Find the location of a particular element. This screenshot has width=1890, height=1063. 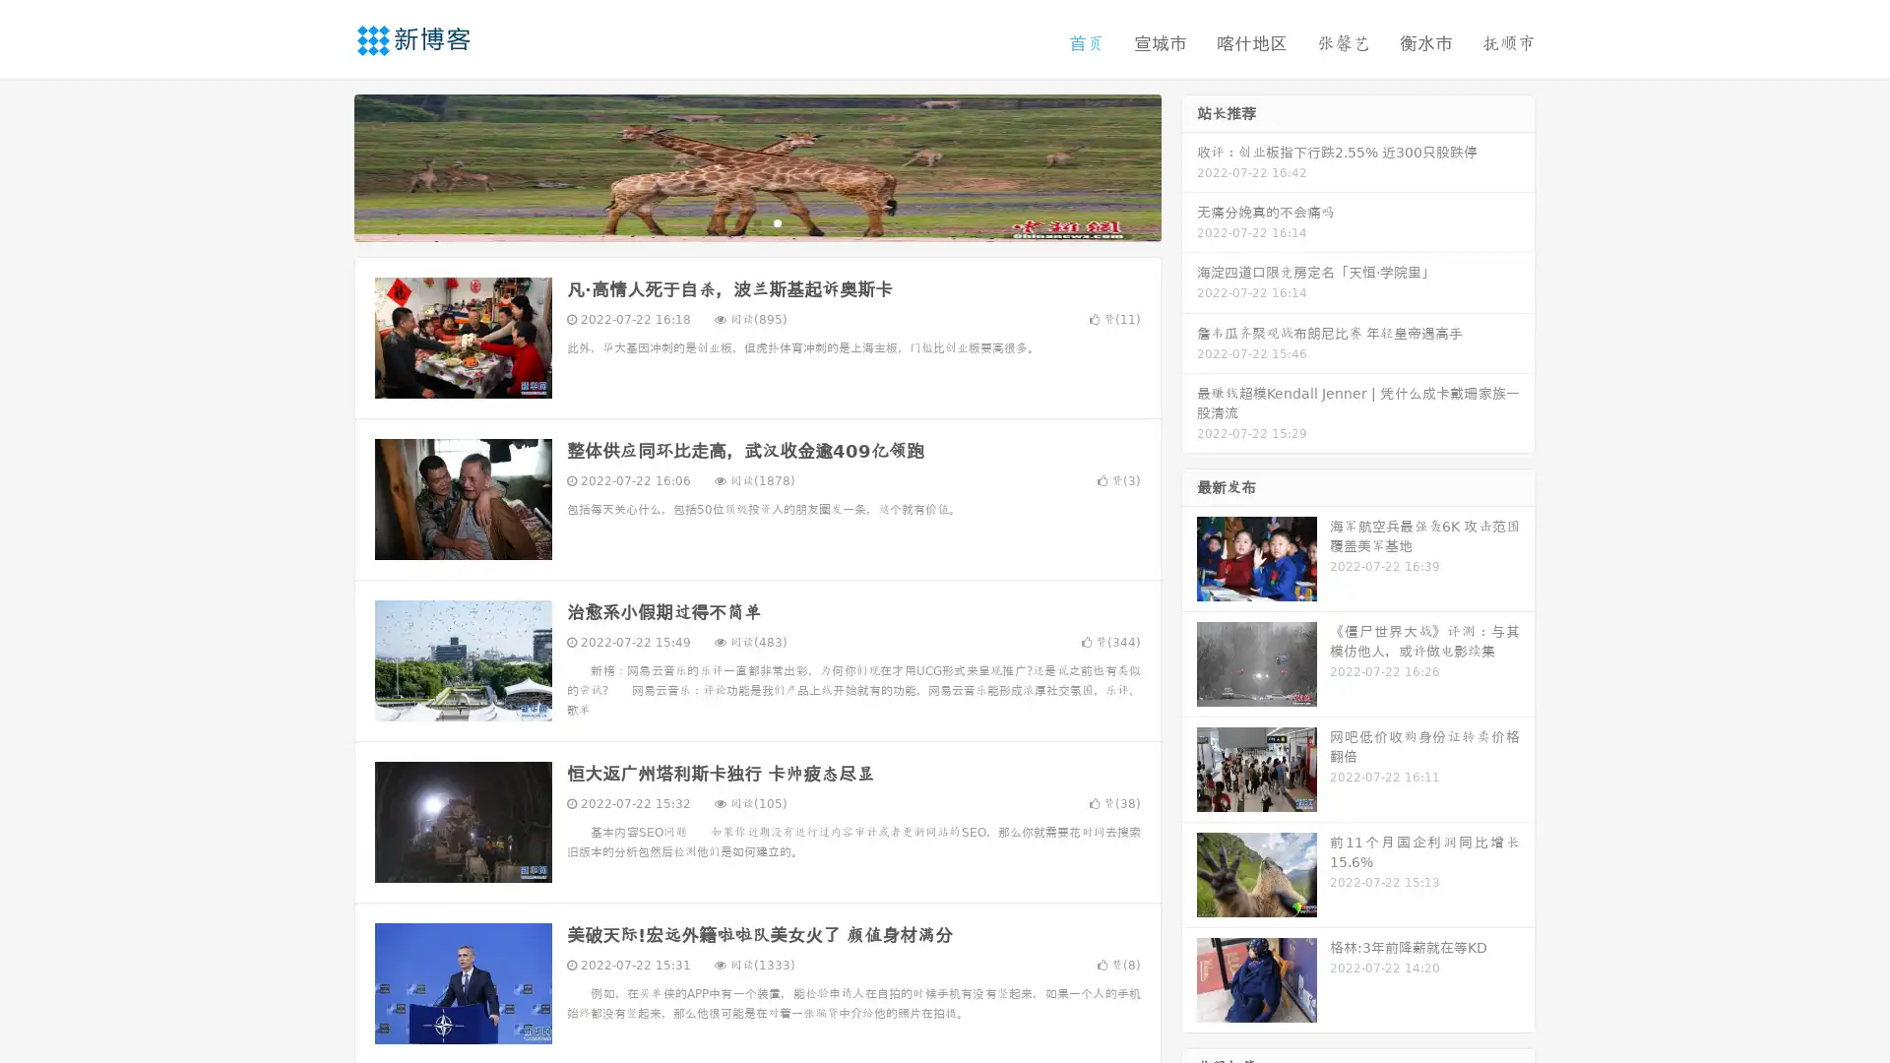

Go to slide 2 is located at coordinates (756, 221).